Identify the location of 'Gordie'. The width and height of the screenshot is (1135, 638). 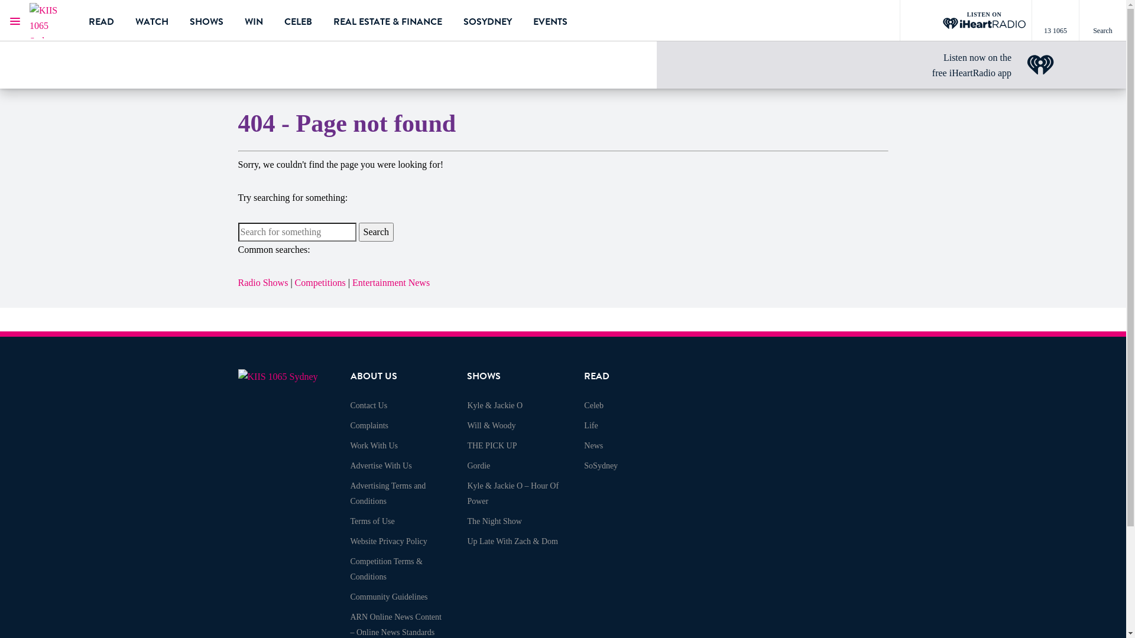
(478, 465).